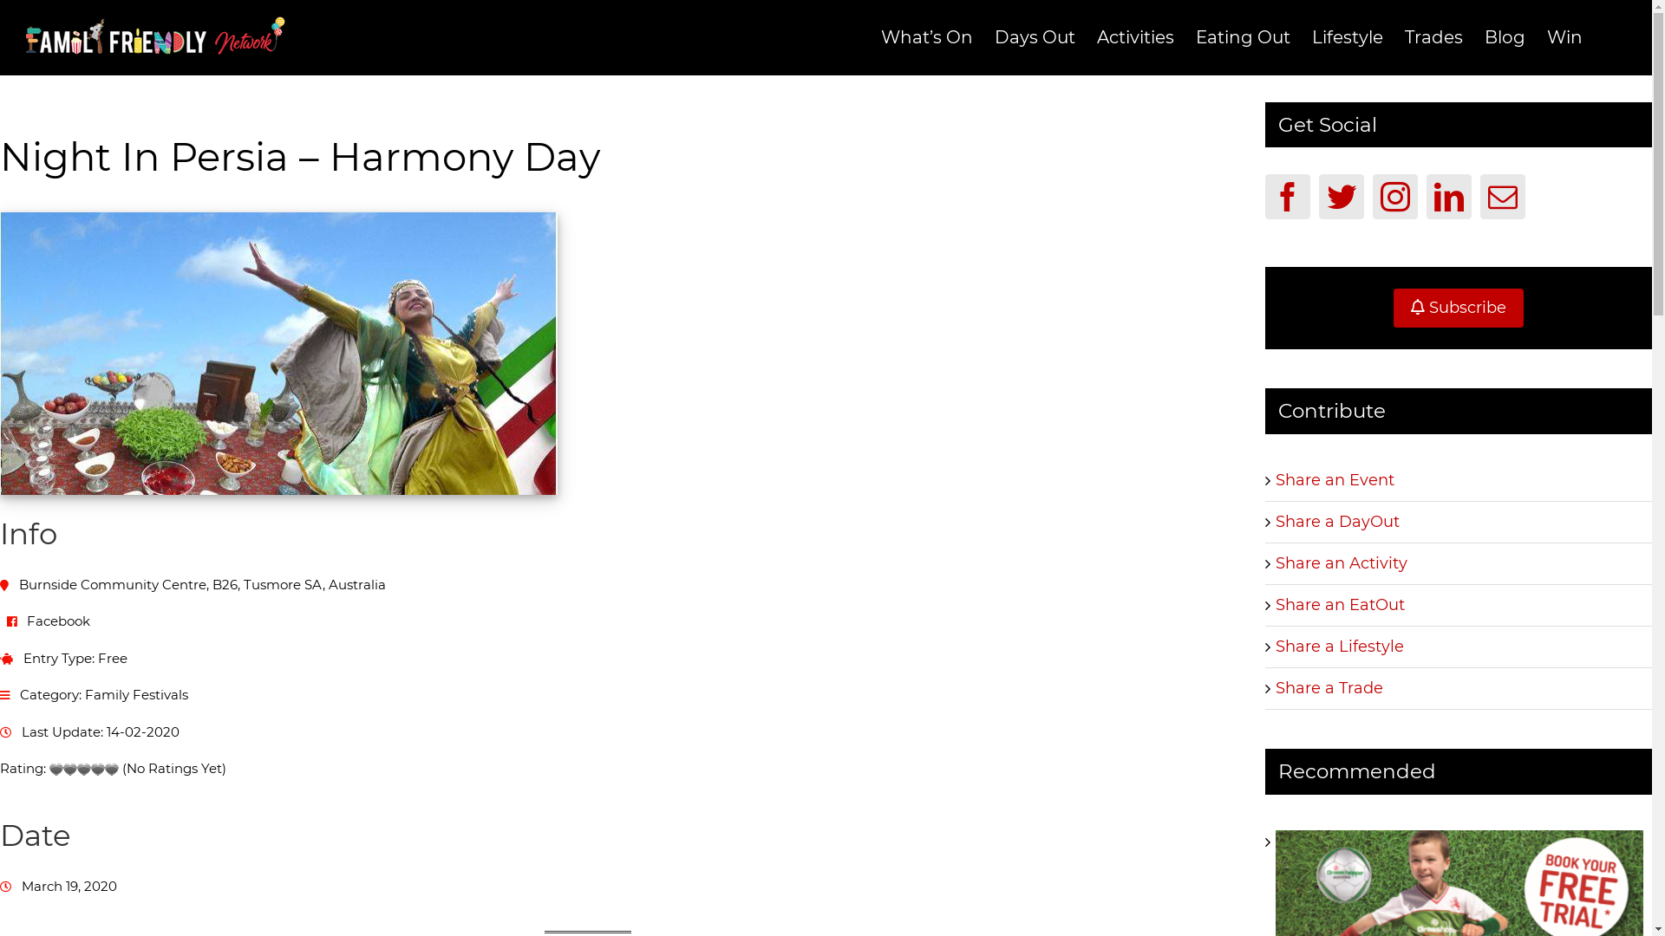 The height and width of the screenshot is (936, 1665). Describe the element at coordinates (1564, 37) in the screenshot. I see `'Win'` at that location.